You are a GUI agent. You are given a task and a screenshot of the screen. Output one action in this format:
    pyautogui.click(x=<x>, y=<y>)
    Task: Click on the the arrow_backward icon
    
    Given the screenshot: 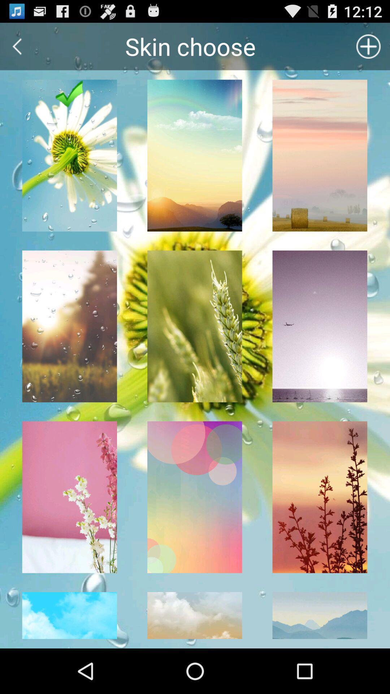 What is the action you would take?
    pyautogui.click(x=17, y=49)
    